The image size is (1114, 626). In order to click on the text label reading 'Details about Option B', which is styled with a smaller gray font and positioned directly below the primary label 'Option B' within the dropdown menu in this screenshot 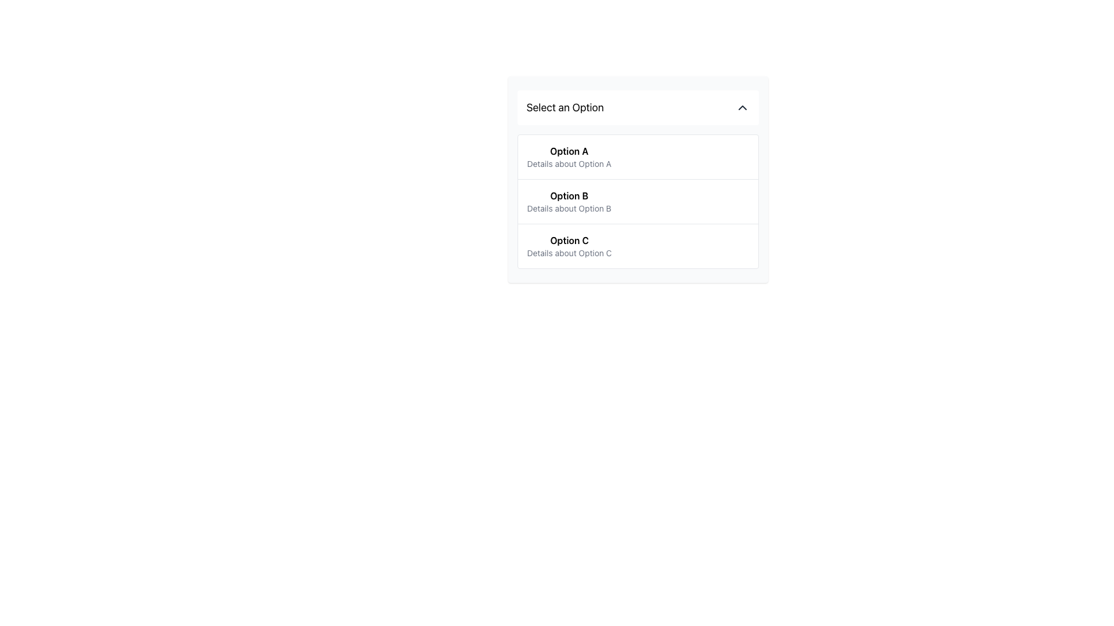, I will do `click(569, 208)`.